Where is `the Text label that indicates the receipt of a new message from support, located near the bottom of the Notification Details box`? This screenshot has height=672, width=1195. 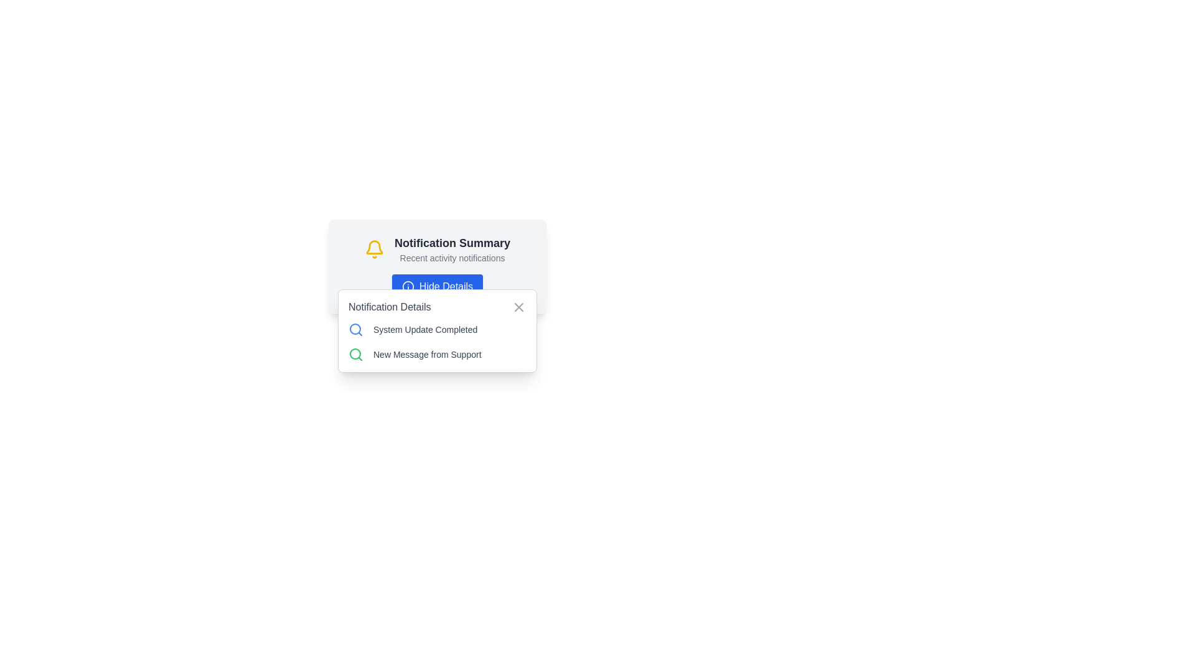 the Text label that indicates the receipt of a new message from support, located near the bottom of the Notification Details box is located at coordinates (427, 355).